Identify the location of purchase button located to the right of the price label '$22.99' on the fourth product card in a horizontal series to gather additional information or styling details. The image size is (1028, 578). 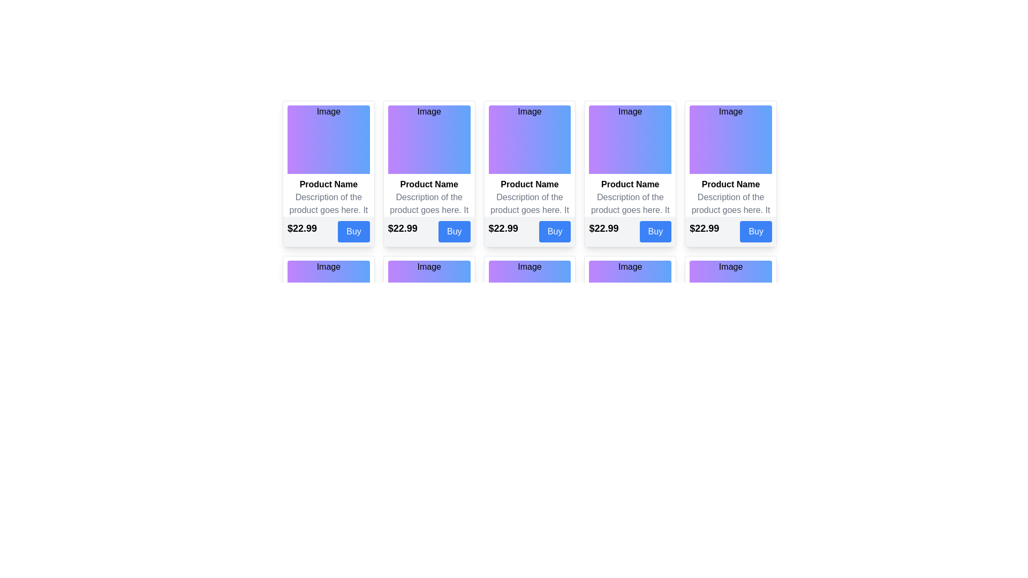
(555, 231).